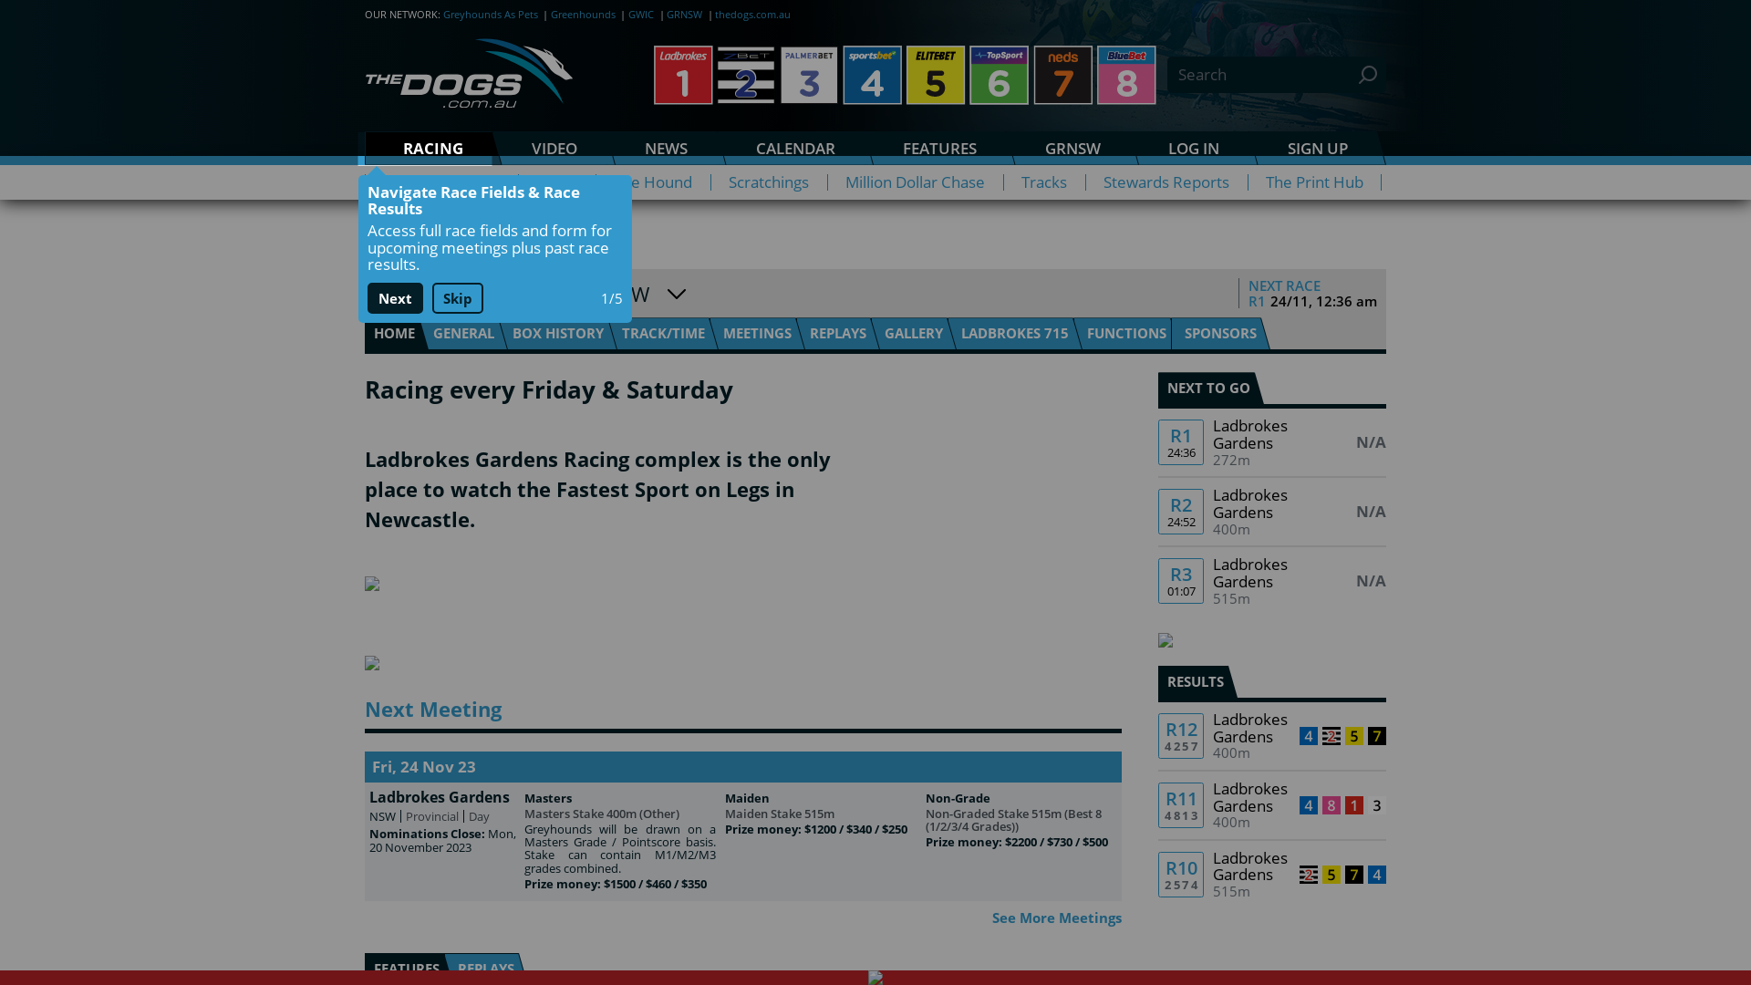 Image resolution: width=1751 pixels, height=985 pixels. Describe the element at coordinates (1157, 874) in the screenshot. I see `'R10` at that location.